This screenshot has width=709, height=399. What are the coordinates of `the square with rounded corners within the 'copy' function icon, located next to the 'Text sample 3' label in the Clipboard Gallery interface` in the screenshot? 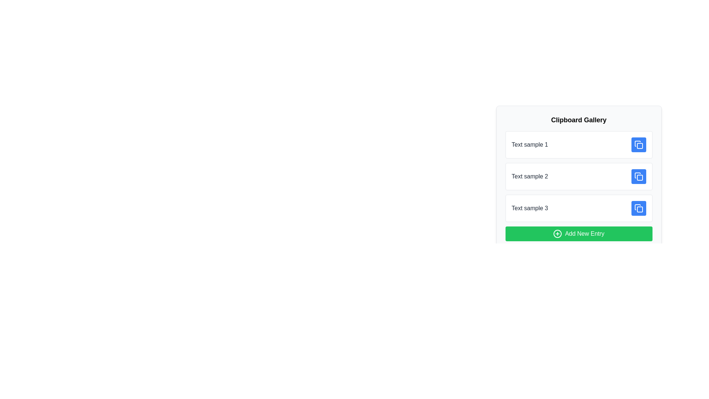 It's located at (639, 209).